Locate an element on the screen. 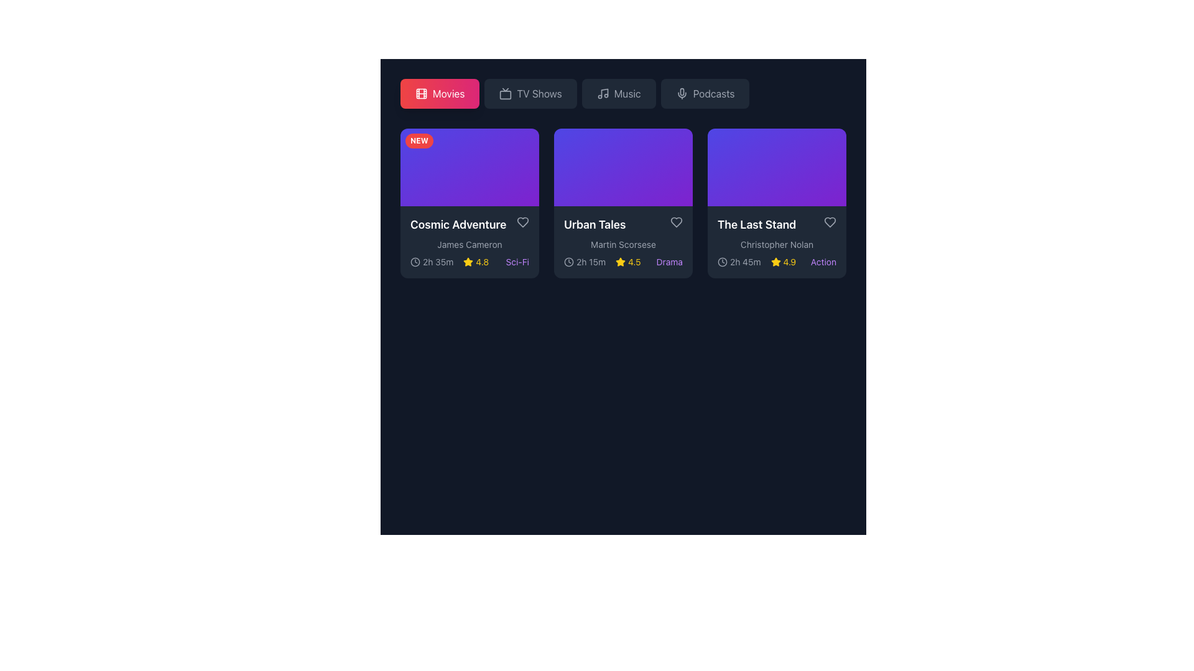 This screenshot has width=1194, height=671. the Composite metadata display that shows the duration, rating, and genre of the media item located at the bottom of the card for 'The Last Stand' directed by Christopher Nolan is located at coordinates (776, 262).